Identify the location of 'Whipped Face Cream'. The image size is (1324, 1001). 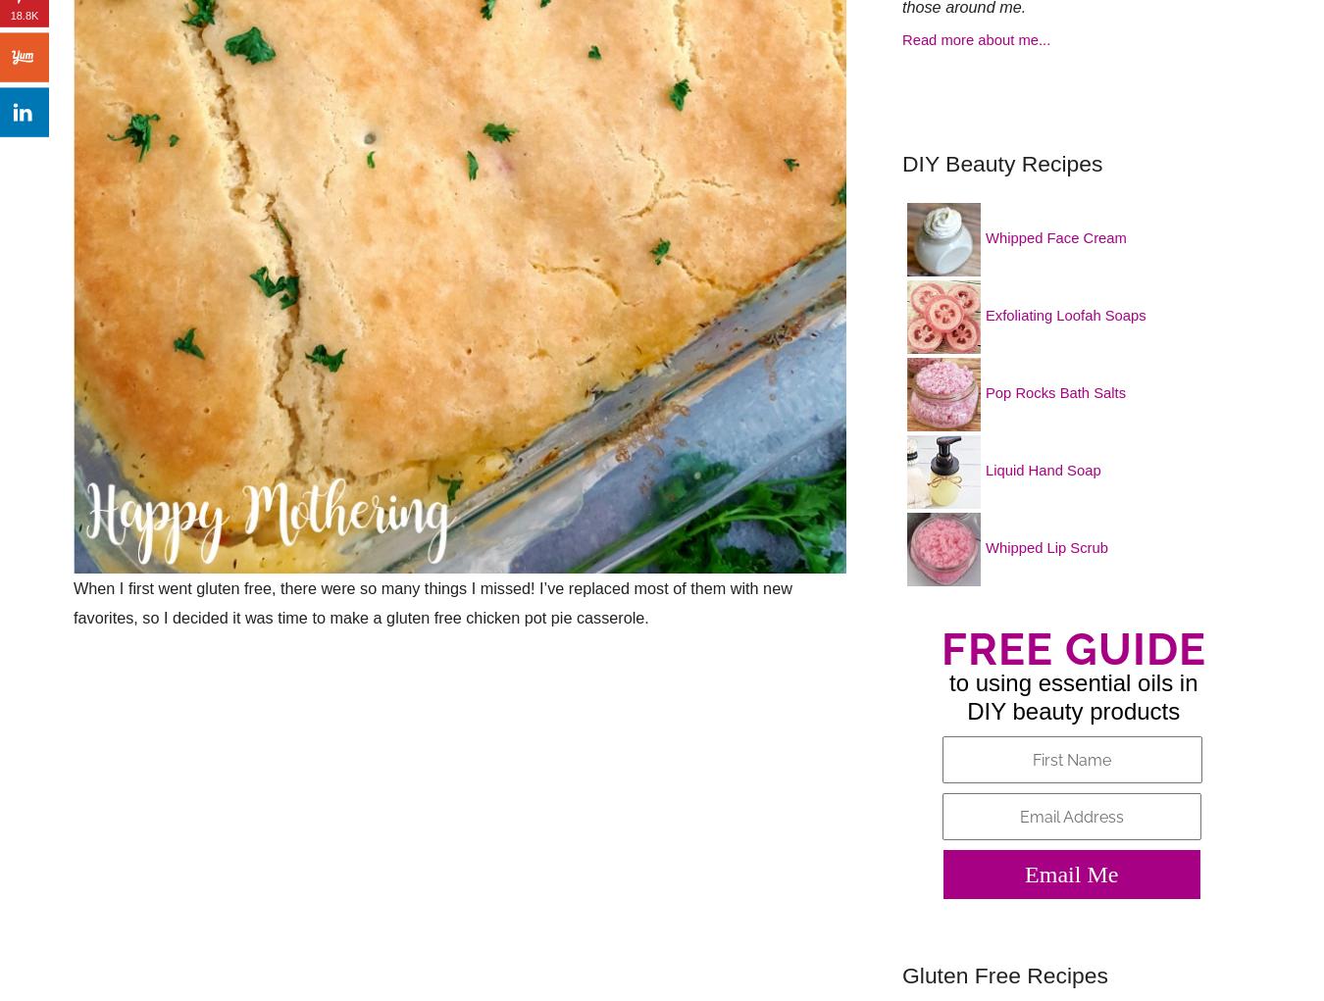
(983, 235).